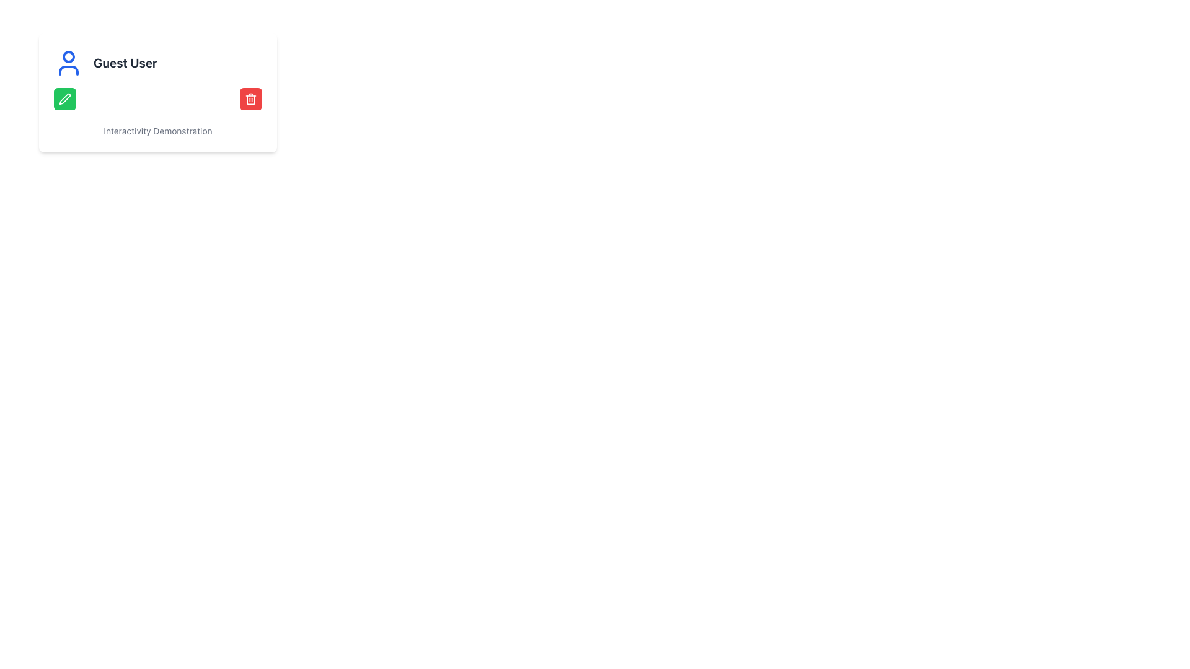 Image resolution: width=1190 pixels, height=669 pixels. What do you see at coordinates (250, 98) in the screenshot?
I see `the red trash bin icon located at the rightmost position within the card component` at bounding box center [250, 98].